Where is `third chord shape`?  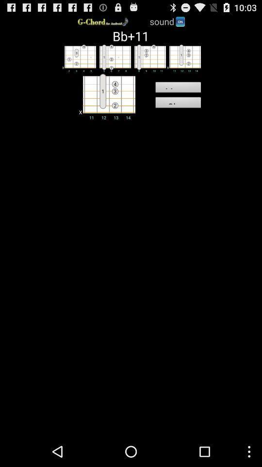 third chord shape is located at coordinates (148, 58).